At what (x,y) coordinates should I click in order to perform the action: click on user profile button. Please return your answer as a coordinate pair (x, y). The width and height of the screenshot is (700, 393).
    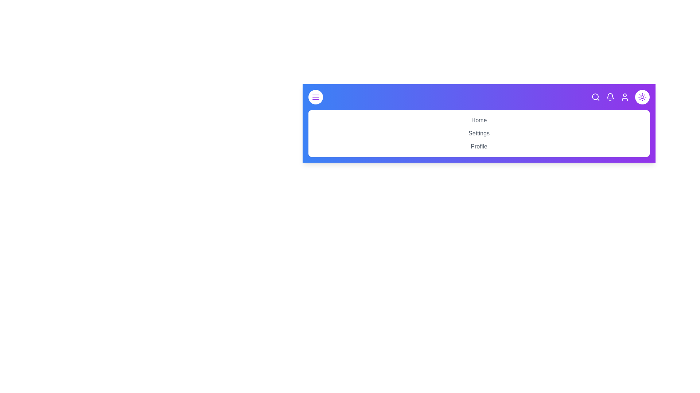
    Looking at the image, I should click on (624, 96).